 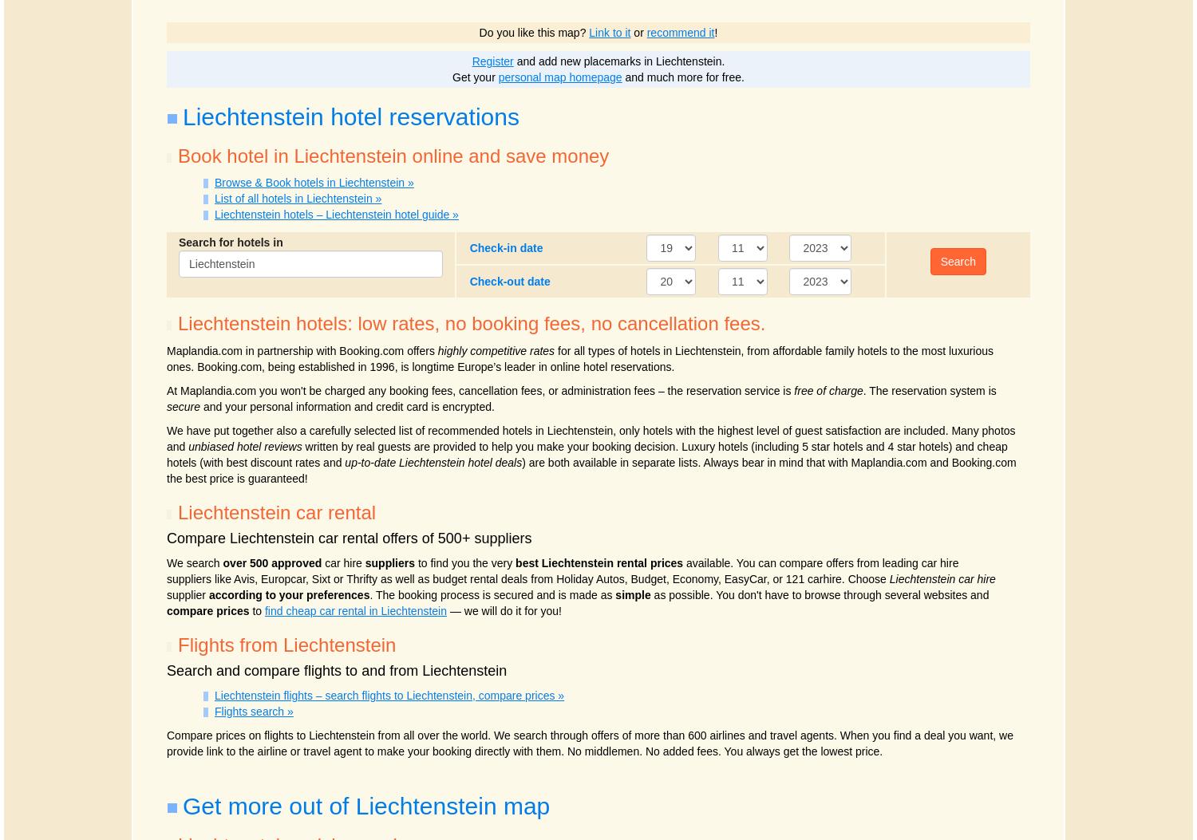 I want to click on 'and much more for free.', so click(x=621, y=77).